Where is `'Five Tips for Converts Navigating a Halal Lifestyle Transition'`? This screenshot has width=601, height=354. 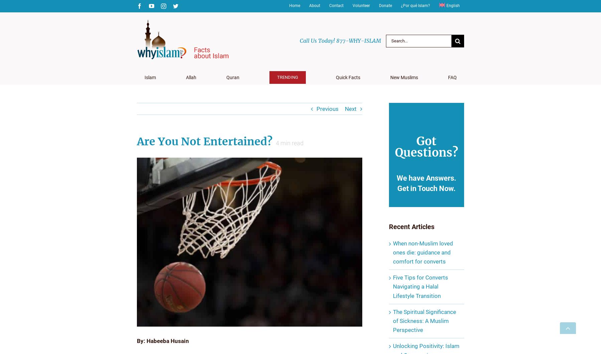 'Five Tips for Converts Navigating a Halal Lifestyle Transition' is located at coordinates (420, 286).